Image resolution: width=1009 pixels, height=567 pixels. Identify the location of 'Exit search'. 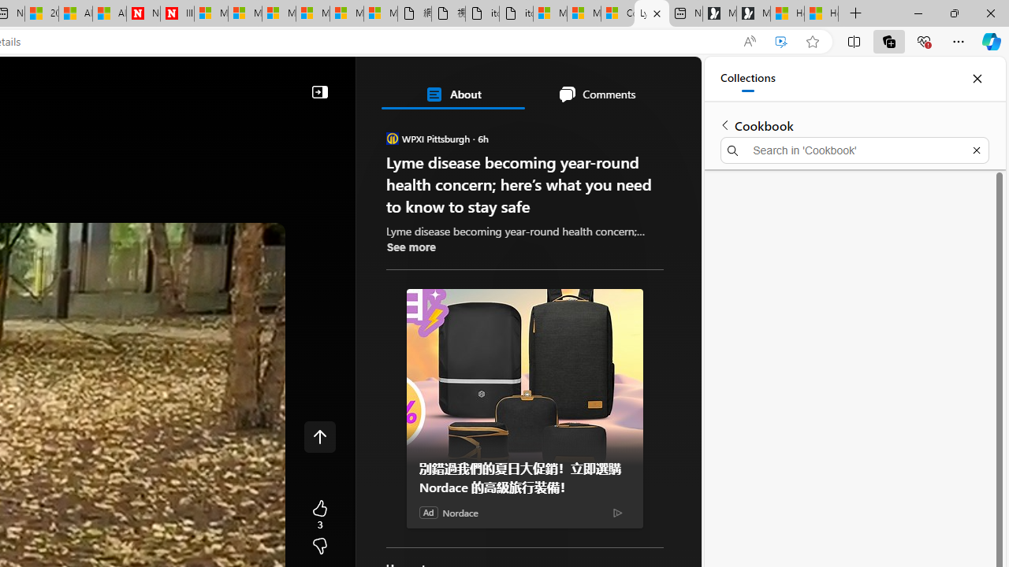
(976, 150).